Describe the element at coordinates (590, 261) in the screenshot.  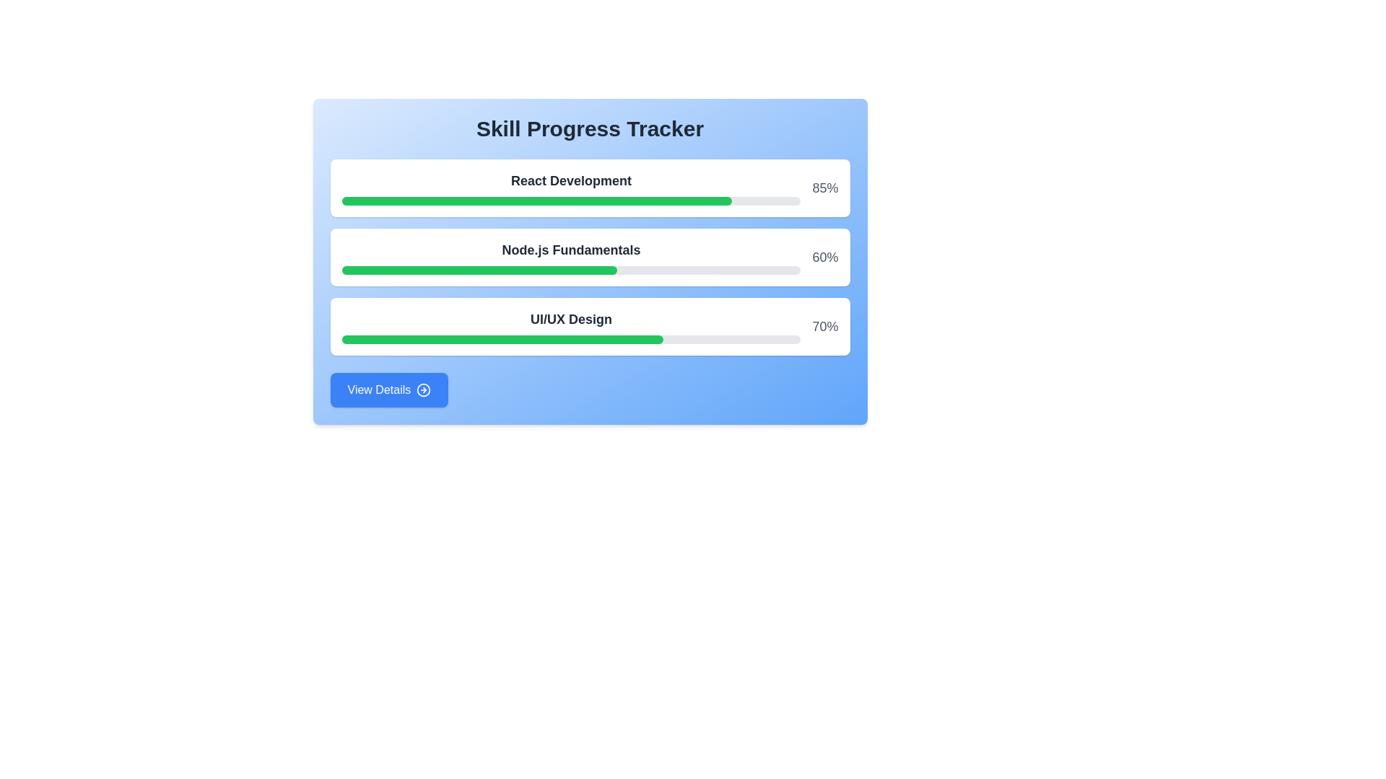
I see `progress level of the 'Node.js Fundamentals' skill, which is represented by the second progress tracker bar in the vertical layout, located between the 'React Development' and 'UI/UX Design' progress trackers` at that location.